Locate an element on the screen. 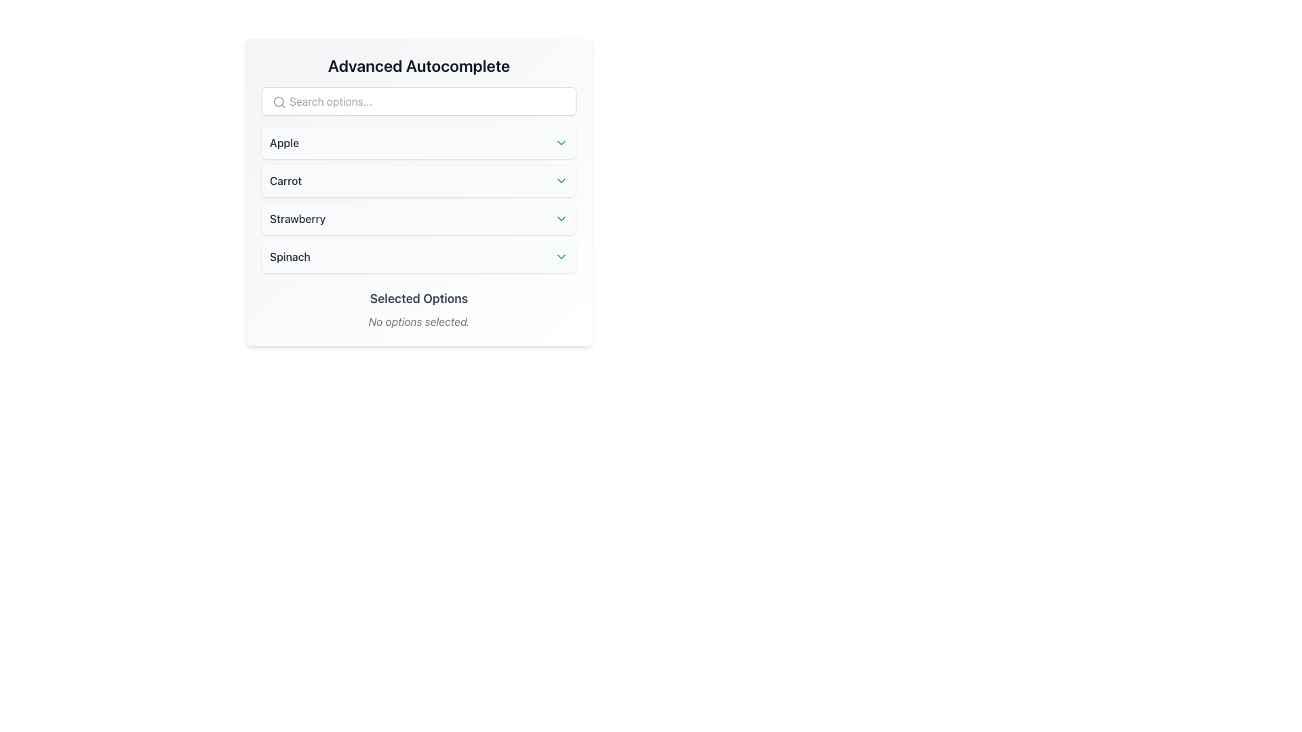 The width and height of the screenshot is (1302, 732). the text label that reads 'No options selected.' in grey italic font, which is located below the 'Selected Options' title is located at coordinates (418, 321).